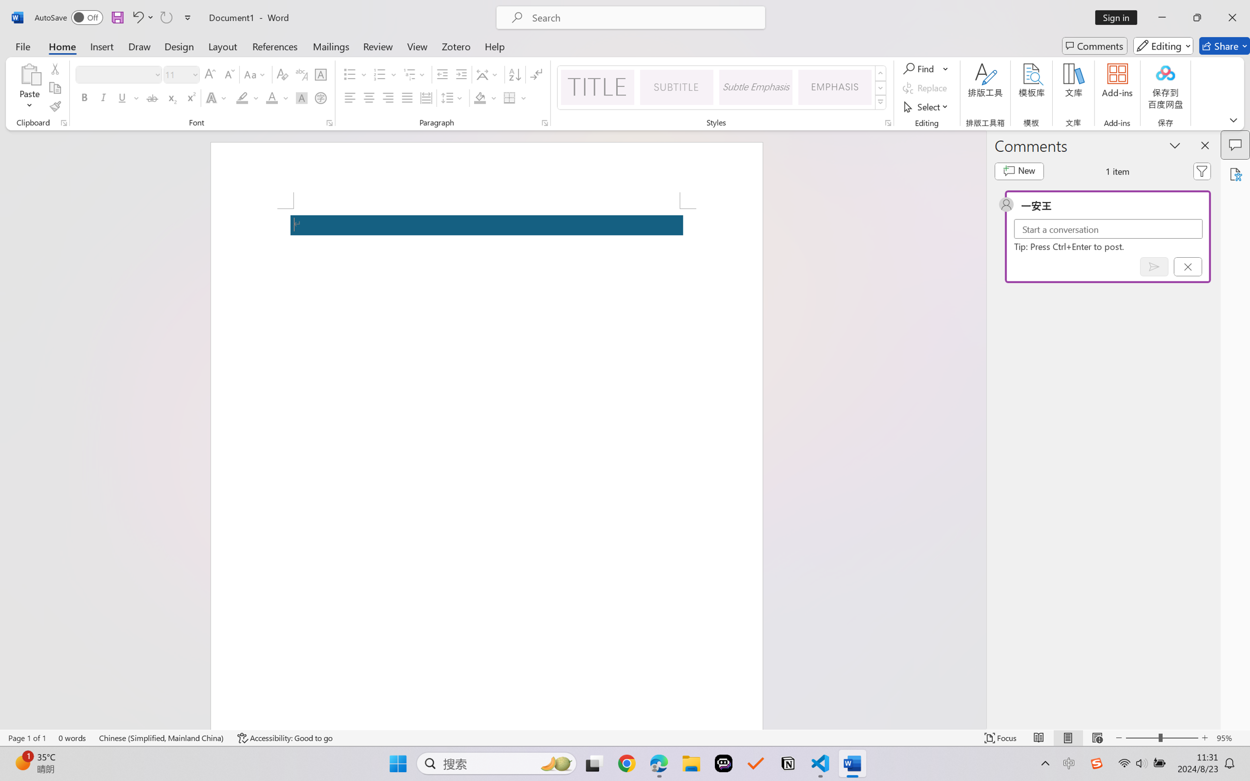  I want to click on 'Filter', so click(1202, 171).